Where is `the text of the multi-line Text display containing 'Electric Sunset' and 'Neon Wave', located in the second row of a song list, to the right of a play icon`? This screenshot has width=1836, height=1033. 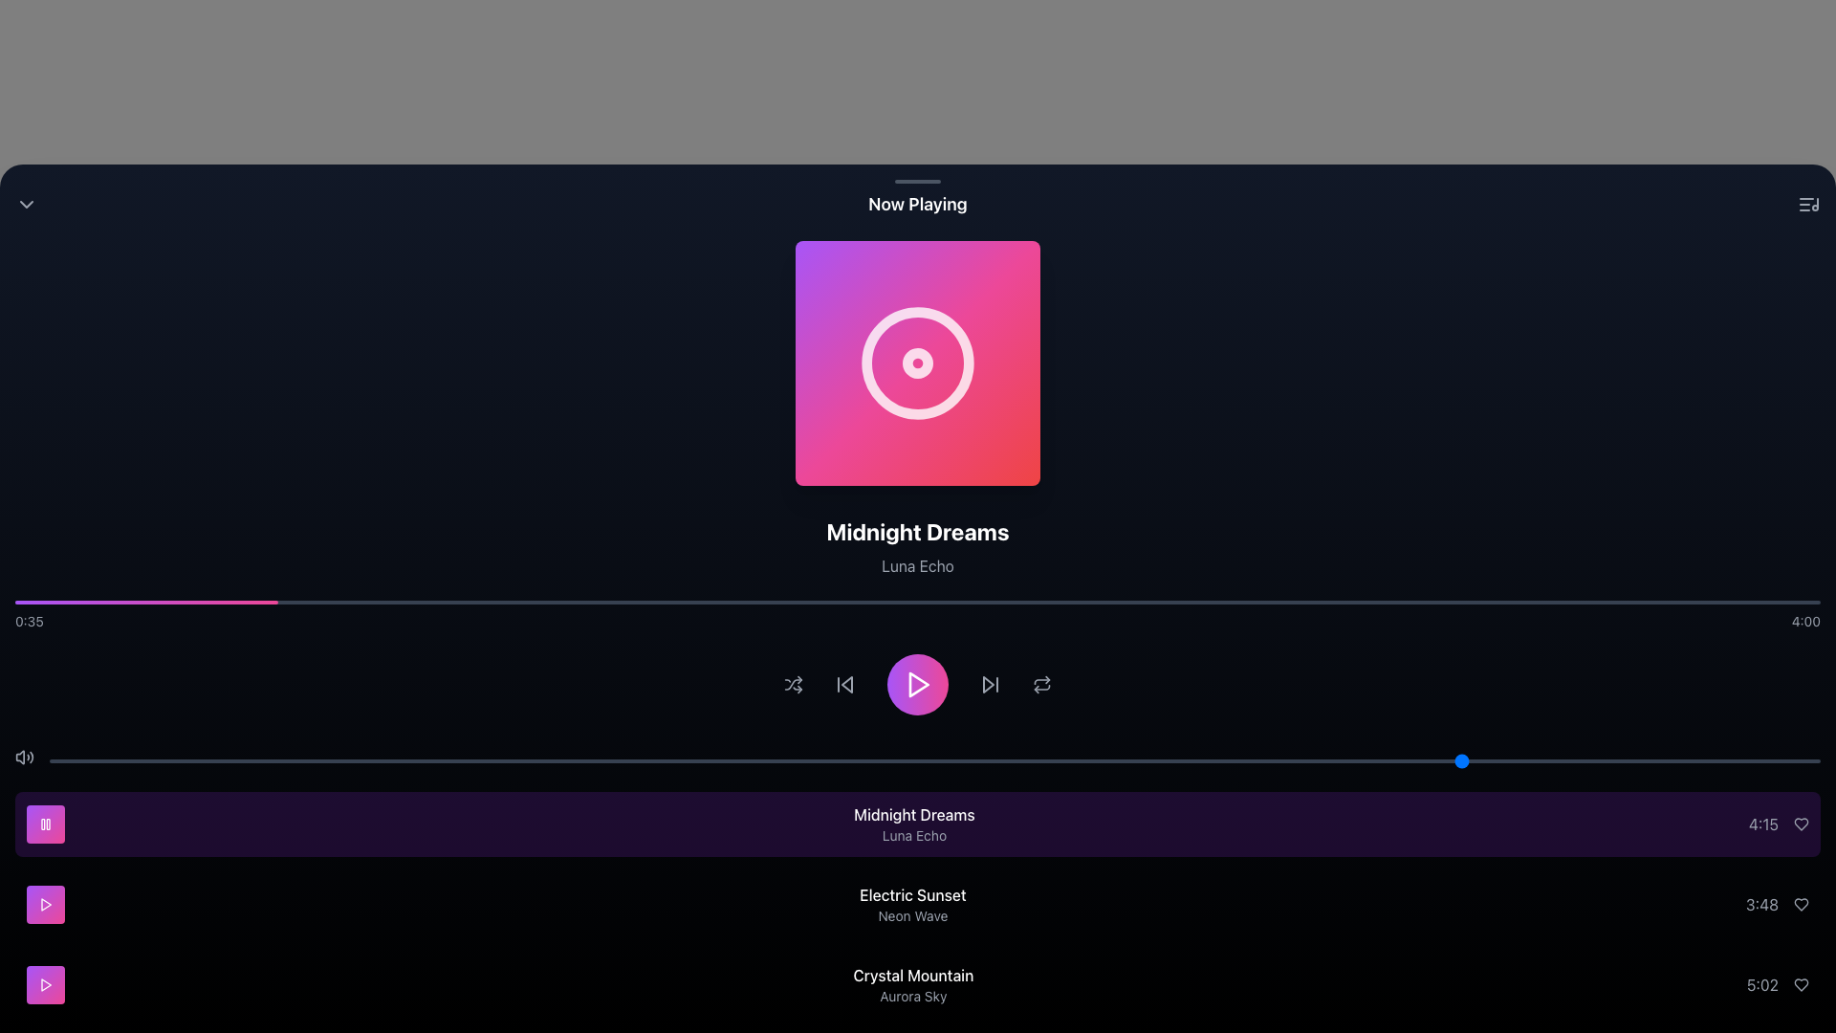 the text of the multi-line Text display containing 'Electric Sunset' and 'Neon Wave', located in the second row of a song list, to the right of a play icon is located at coordinates (912, 904).